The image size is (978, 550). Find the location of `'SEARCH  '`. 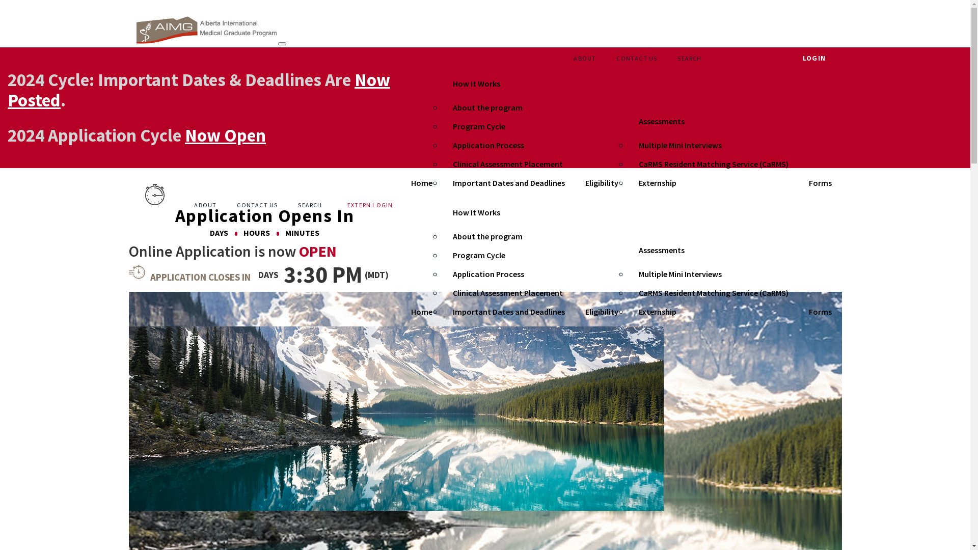

'SEARCH  ' is located at coordinates (311, 205).